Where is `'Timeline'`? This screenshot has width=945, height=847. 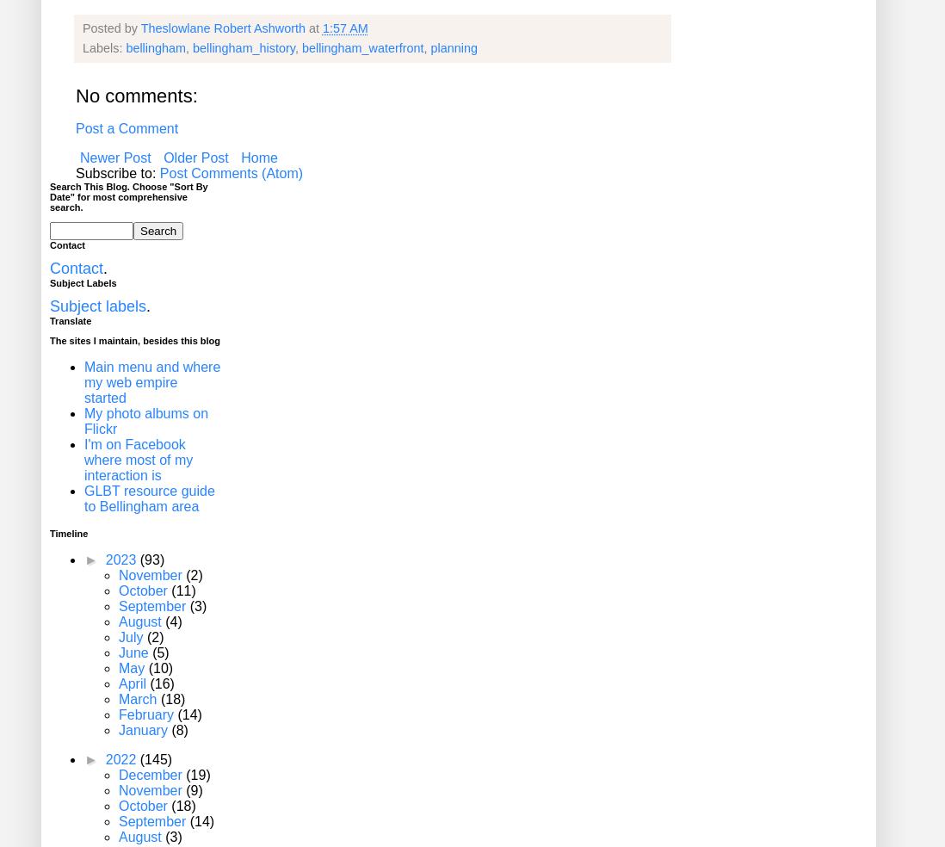 'Timeline' is located at coordinates (68, 534).